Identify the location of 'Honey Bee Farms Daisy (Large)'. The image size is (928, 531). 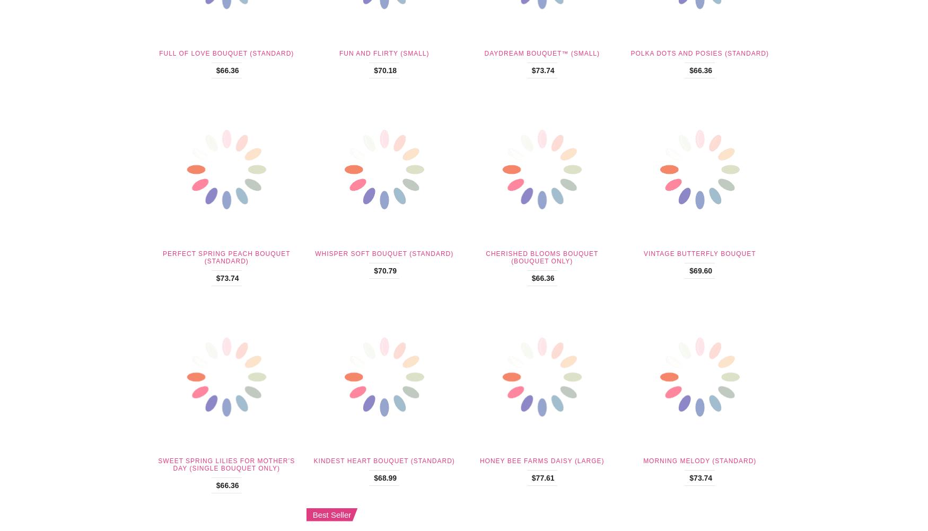
(541, 461).